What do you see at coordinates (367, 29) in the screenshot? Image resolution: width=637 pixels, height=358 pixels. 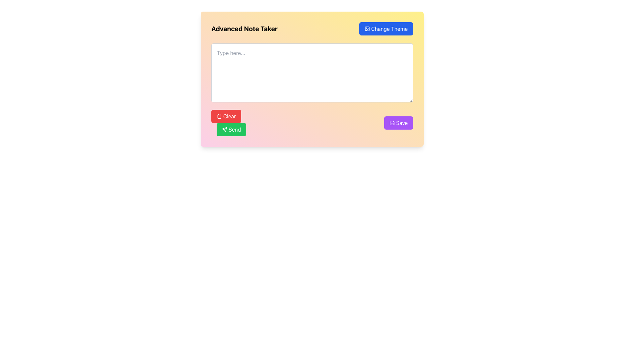 I see `the icon located in the top-right corner of the main interface next to the 'Change Theme' button` at bounding box center [367, 29].